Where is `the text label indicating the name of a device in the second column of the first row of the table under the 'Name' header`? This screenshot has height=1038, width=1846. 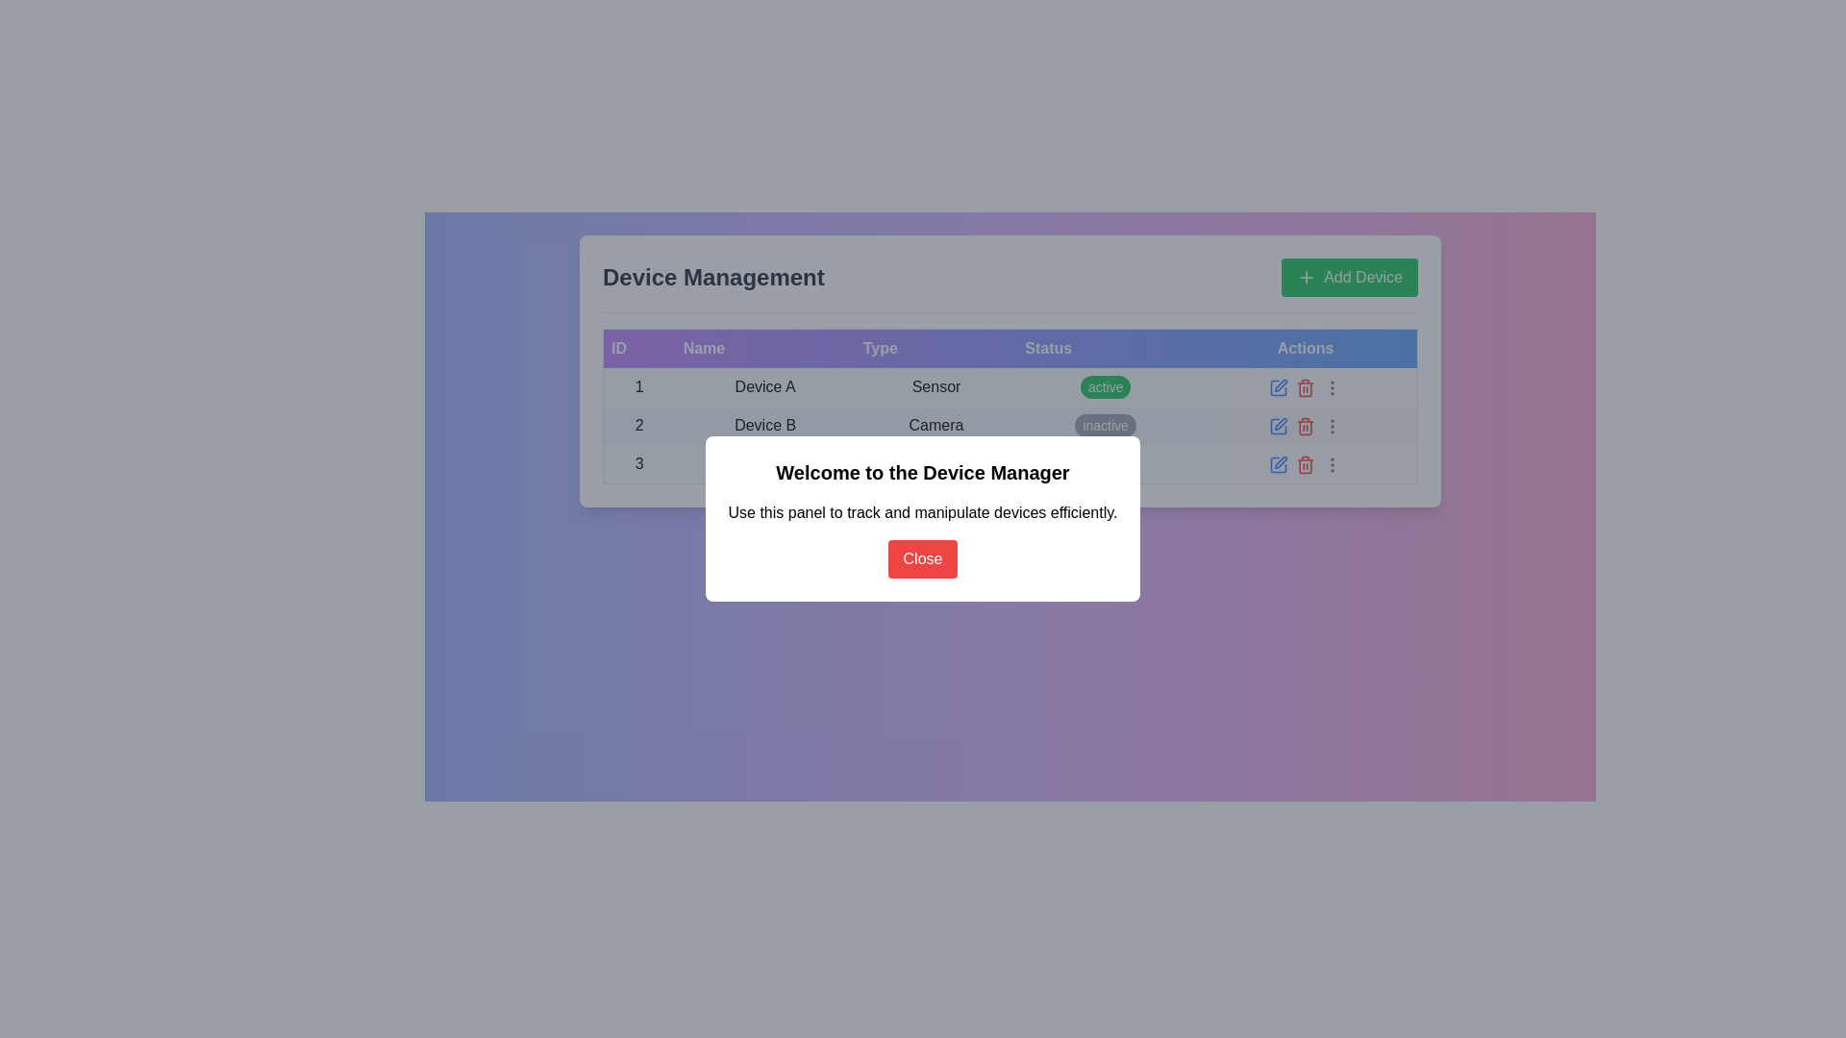
the text label indicating the name of a device in the second column of the first row of the table under the 'Name' header is located at coordinates (764, 386).